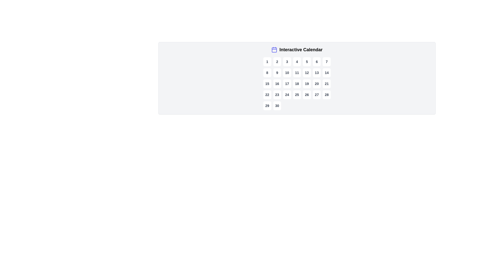  I want to click on the calendar date button located in the lower right corner of the grid layout, so click(327, 94).